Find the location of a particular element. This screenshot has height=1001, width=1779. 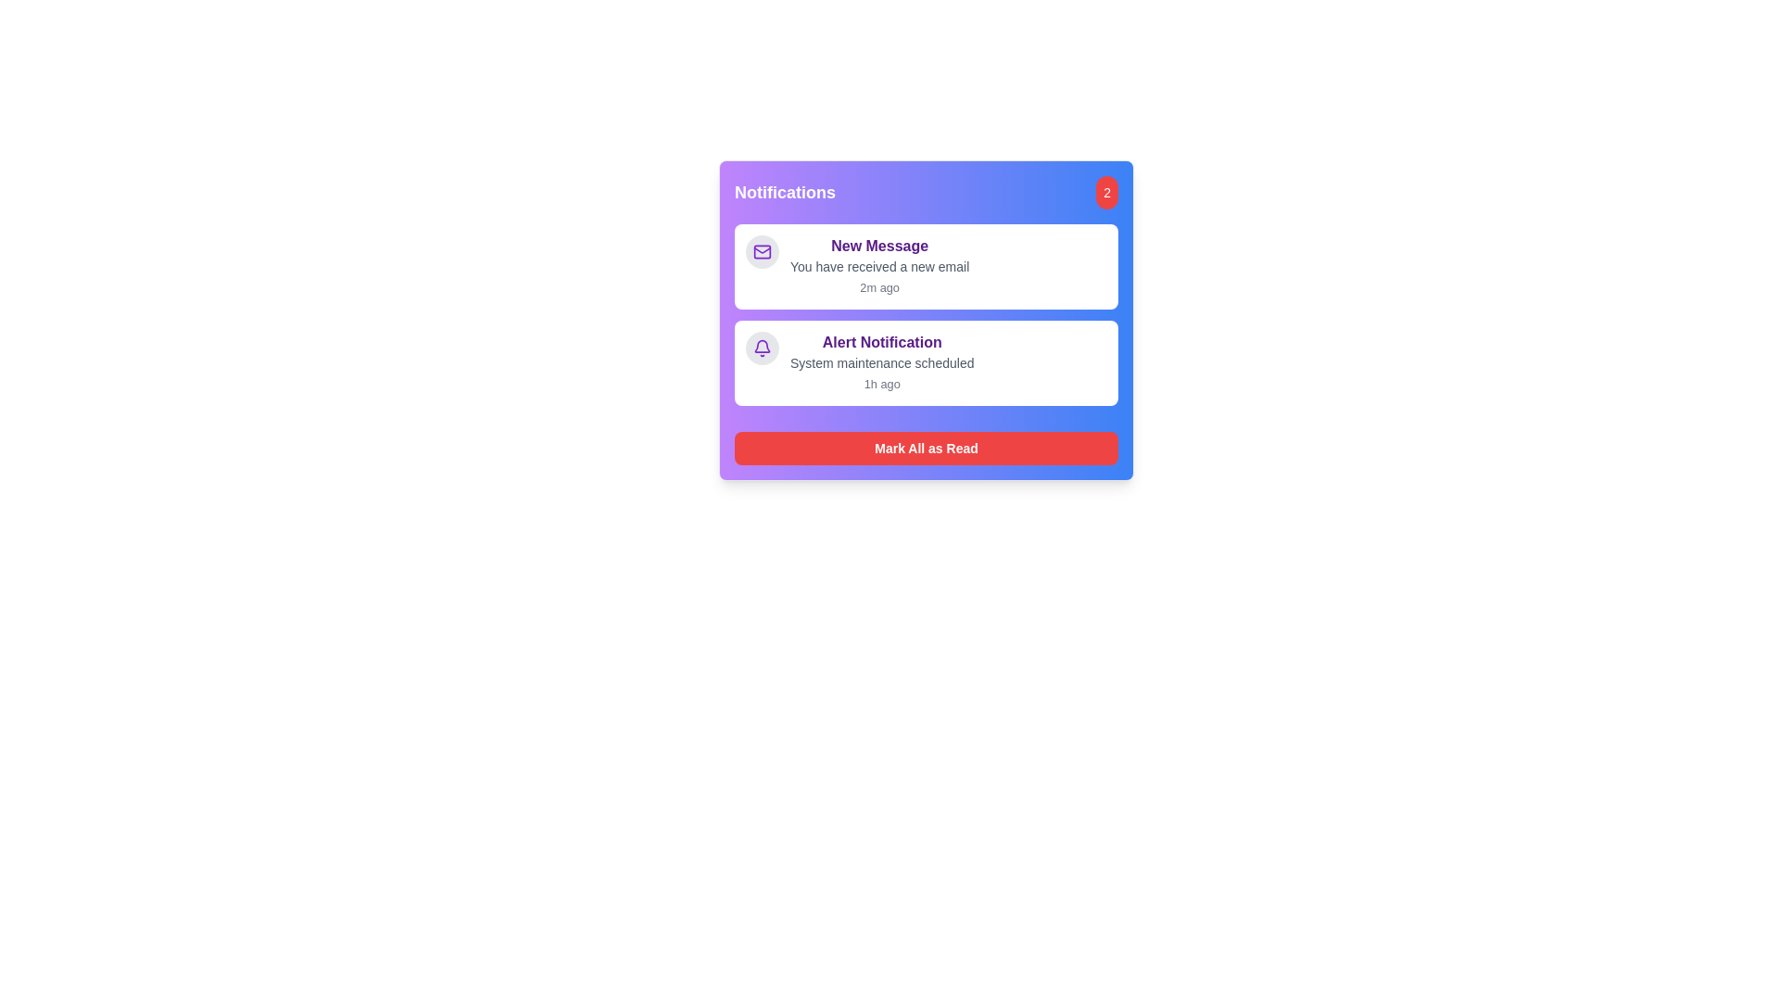

the static text header for the notifications user interface module, located at the top-left corner adjacent to the red notification badge is located at coordinates (785, 193).